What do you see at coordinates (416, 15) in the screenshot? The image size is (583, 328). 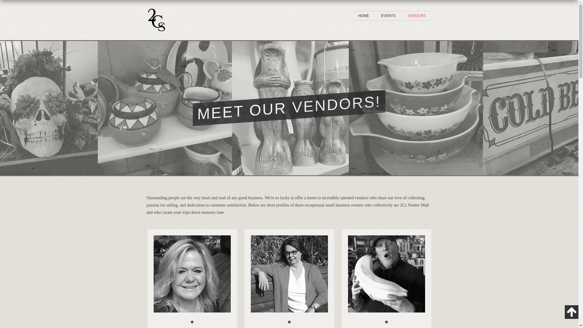 I see `'VENDORS'` at bounding box center [416, 15].